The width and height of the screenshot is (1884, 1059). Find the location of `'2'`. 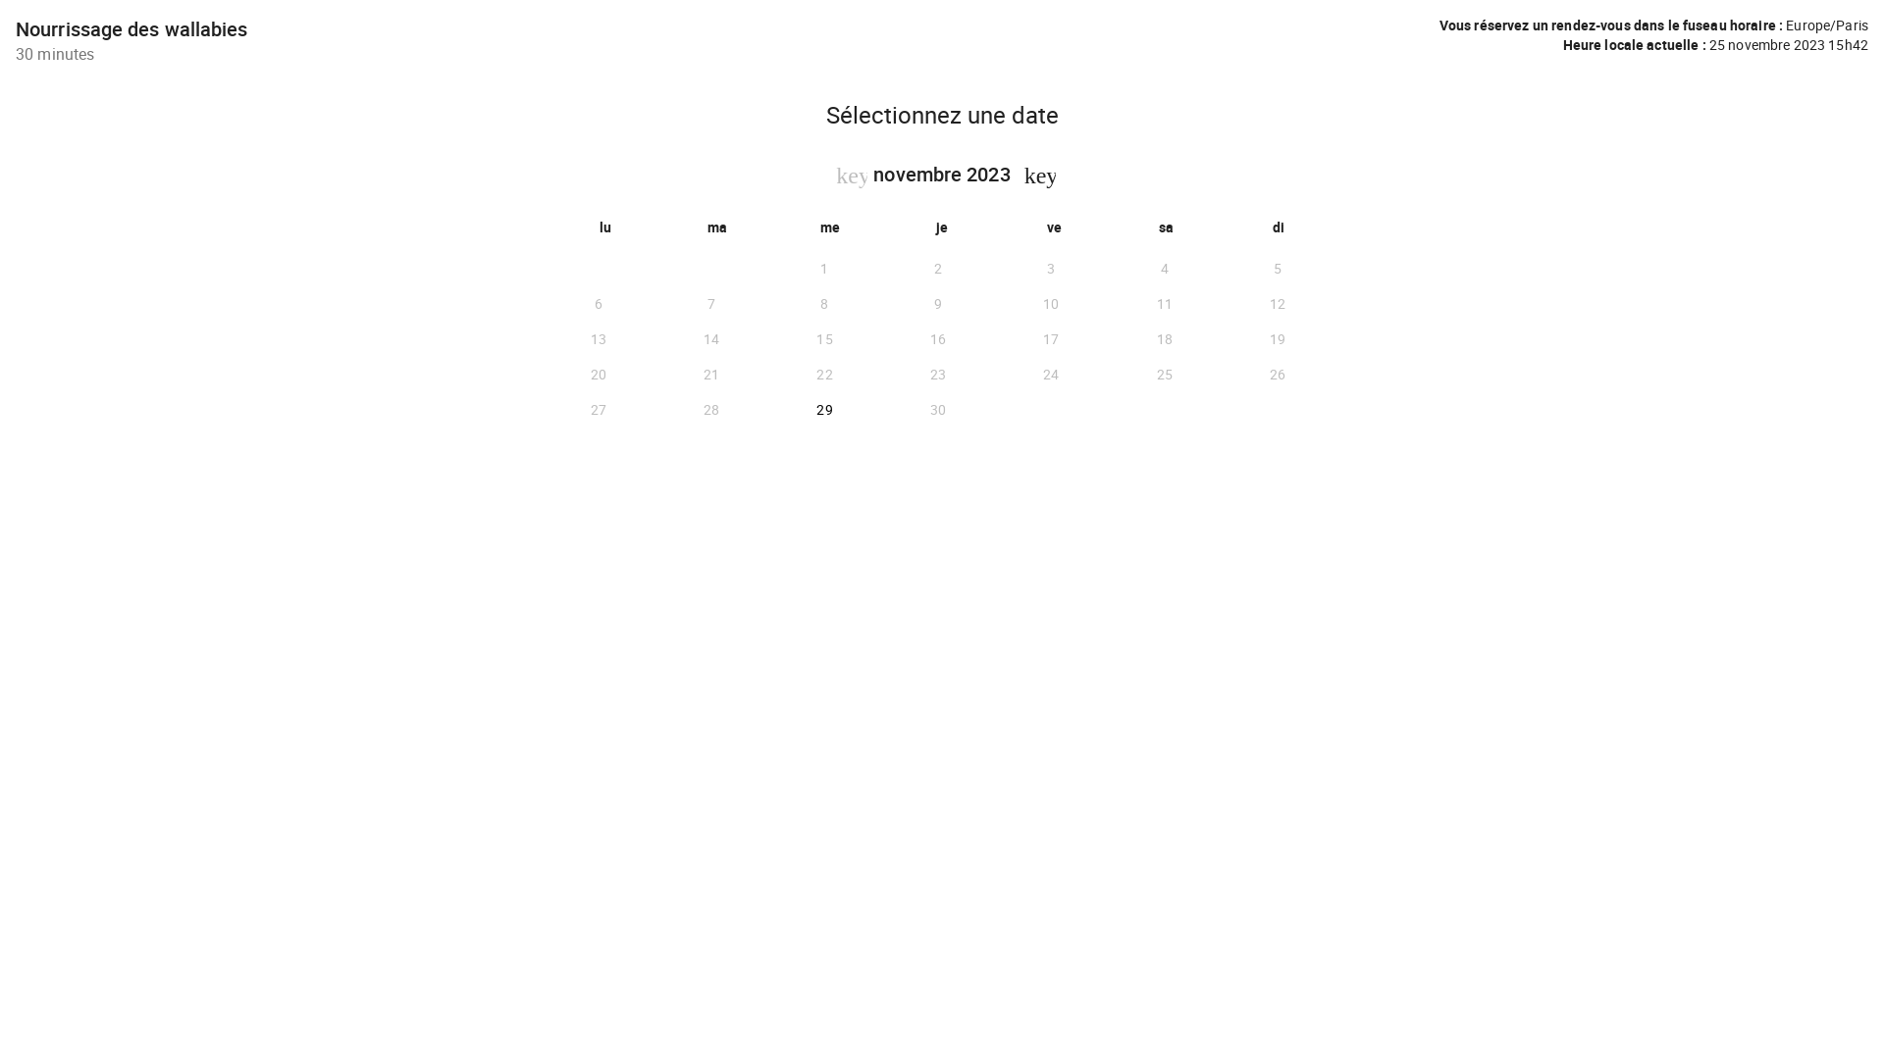

'2' is located at coordinates (936, 268).